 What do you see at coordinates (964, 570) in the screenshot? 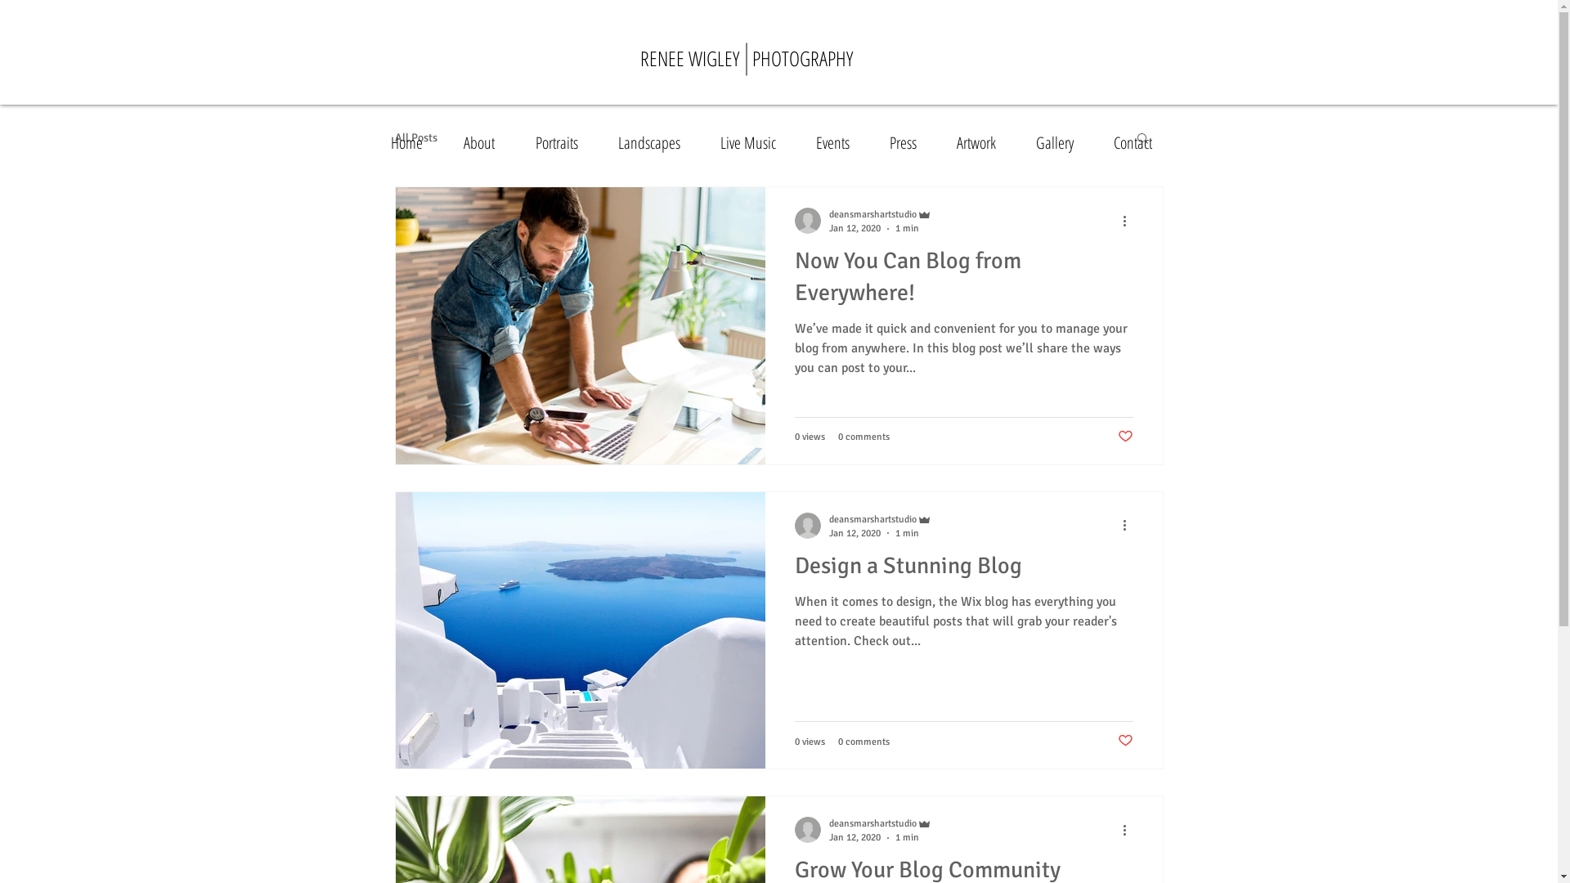
I see `'Design a Stunning Blog'` at bounding box center [964, 570].